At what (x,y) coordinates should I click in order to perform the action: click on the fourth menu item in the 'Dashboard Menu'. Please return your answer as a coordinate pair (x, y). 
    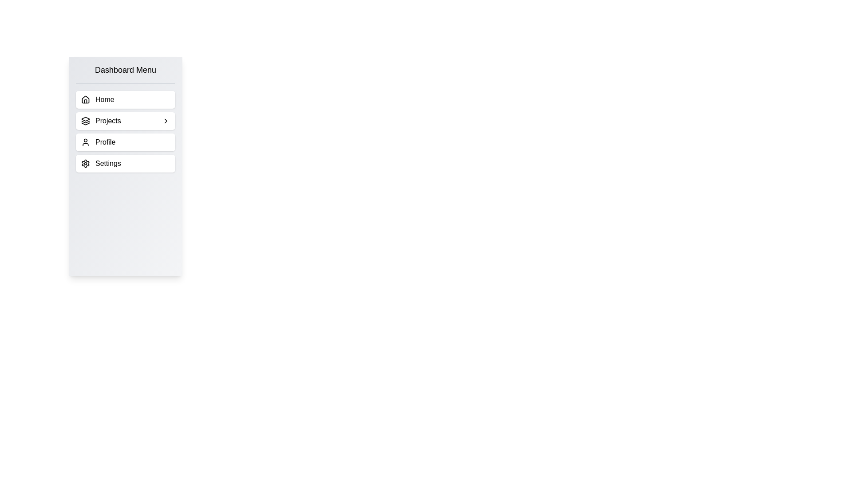
    Looking at the image, I should click on (125, 164).